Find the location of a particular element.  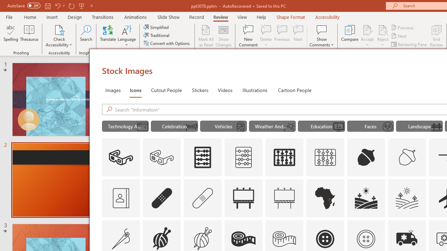

'AutomationID: Icons_Agriculture' is located at coordinates (366, 198).